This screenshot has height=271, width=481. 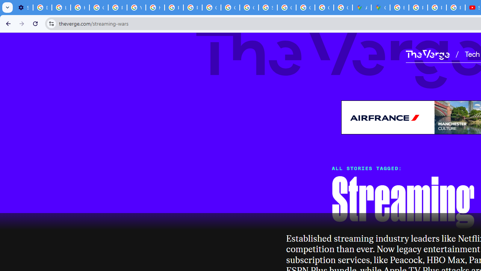 What do you see at coordinates (154, 8) in the screenshot?
I see `'https://scholar.google.com/'` at bounding box center [154, 8].